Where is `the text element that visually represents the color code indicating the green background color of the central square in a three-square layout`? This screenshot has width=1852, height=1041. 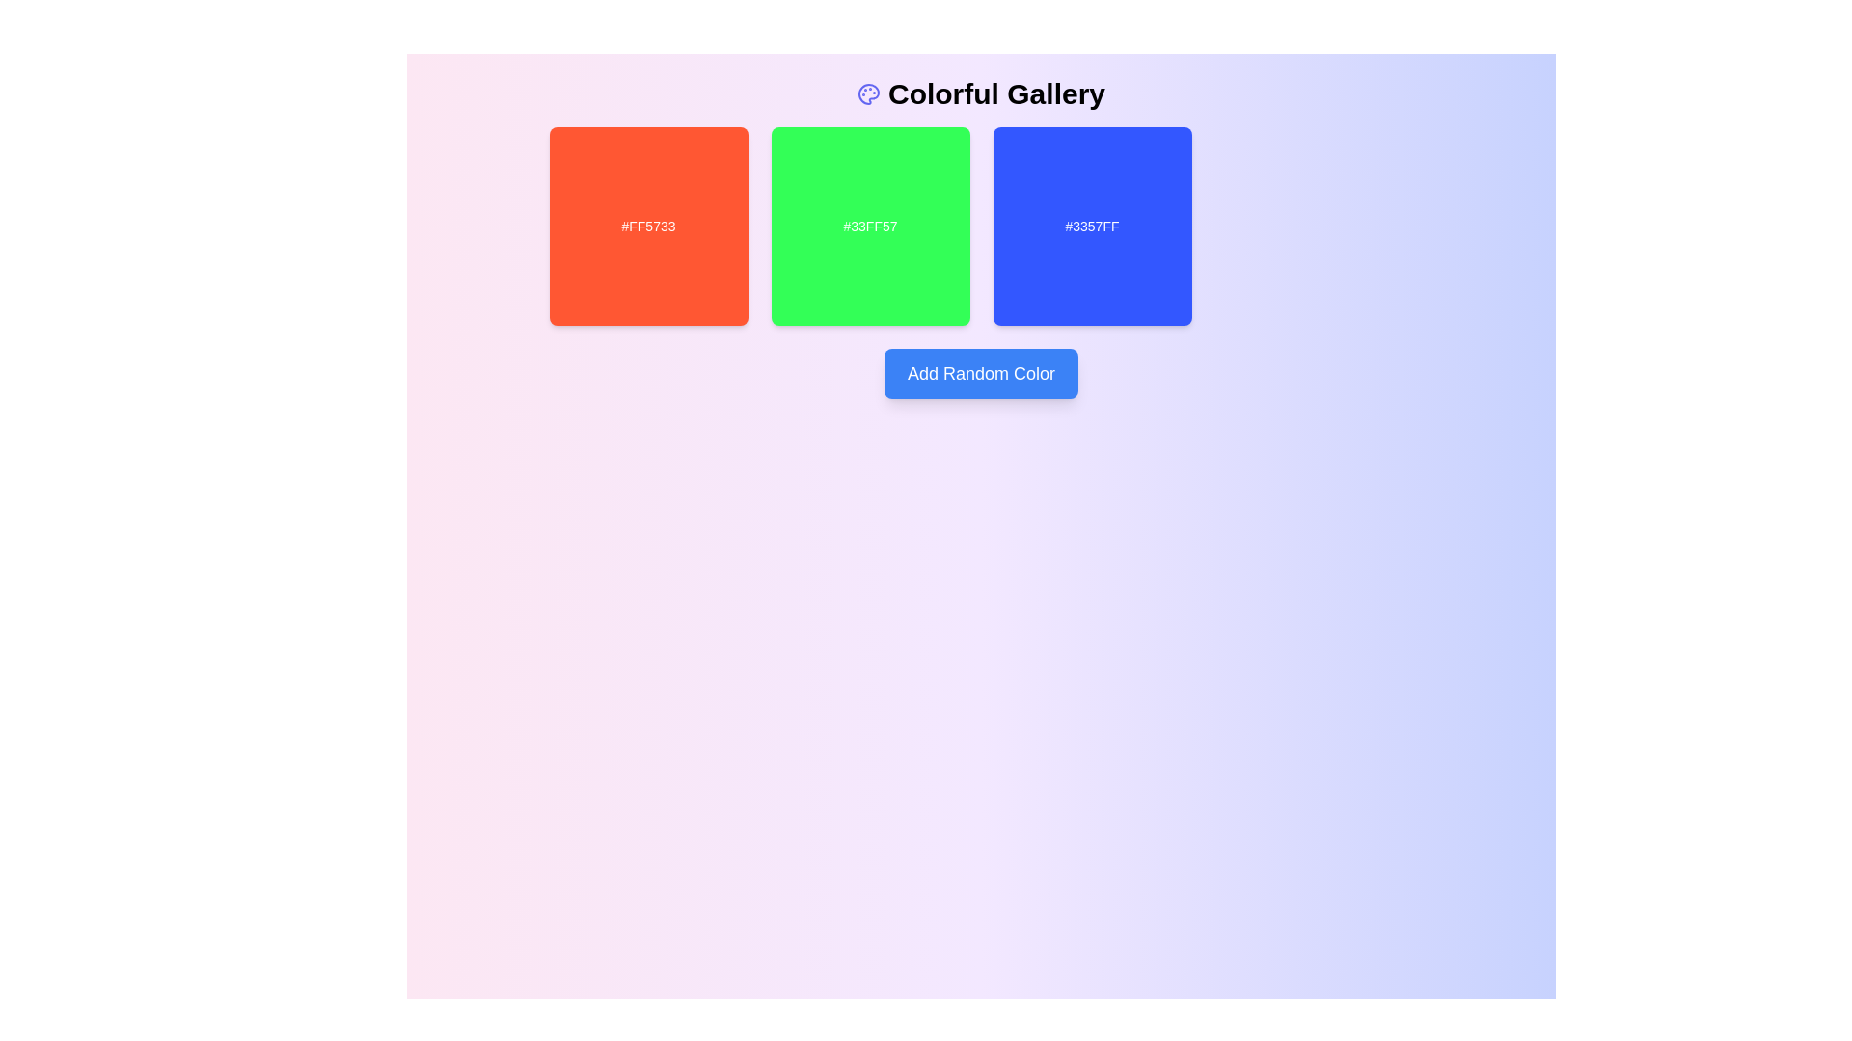 the text element that visually represents the color code indicating the green background color of the central square in a three-square layout is located at coordinates (869, 226).